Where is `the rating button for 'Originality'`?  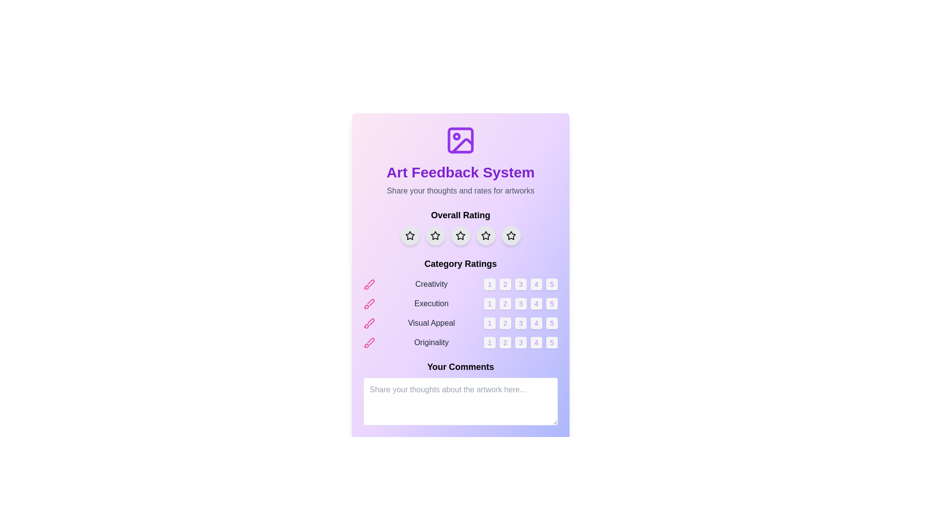
the rating button for 'Originality' is located at coordinates (460, 342).